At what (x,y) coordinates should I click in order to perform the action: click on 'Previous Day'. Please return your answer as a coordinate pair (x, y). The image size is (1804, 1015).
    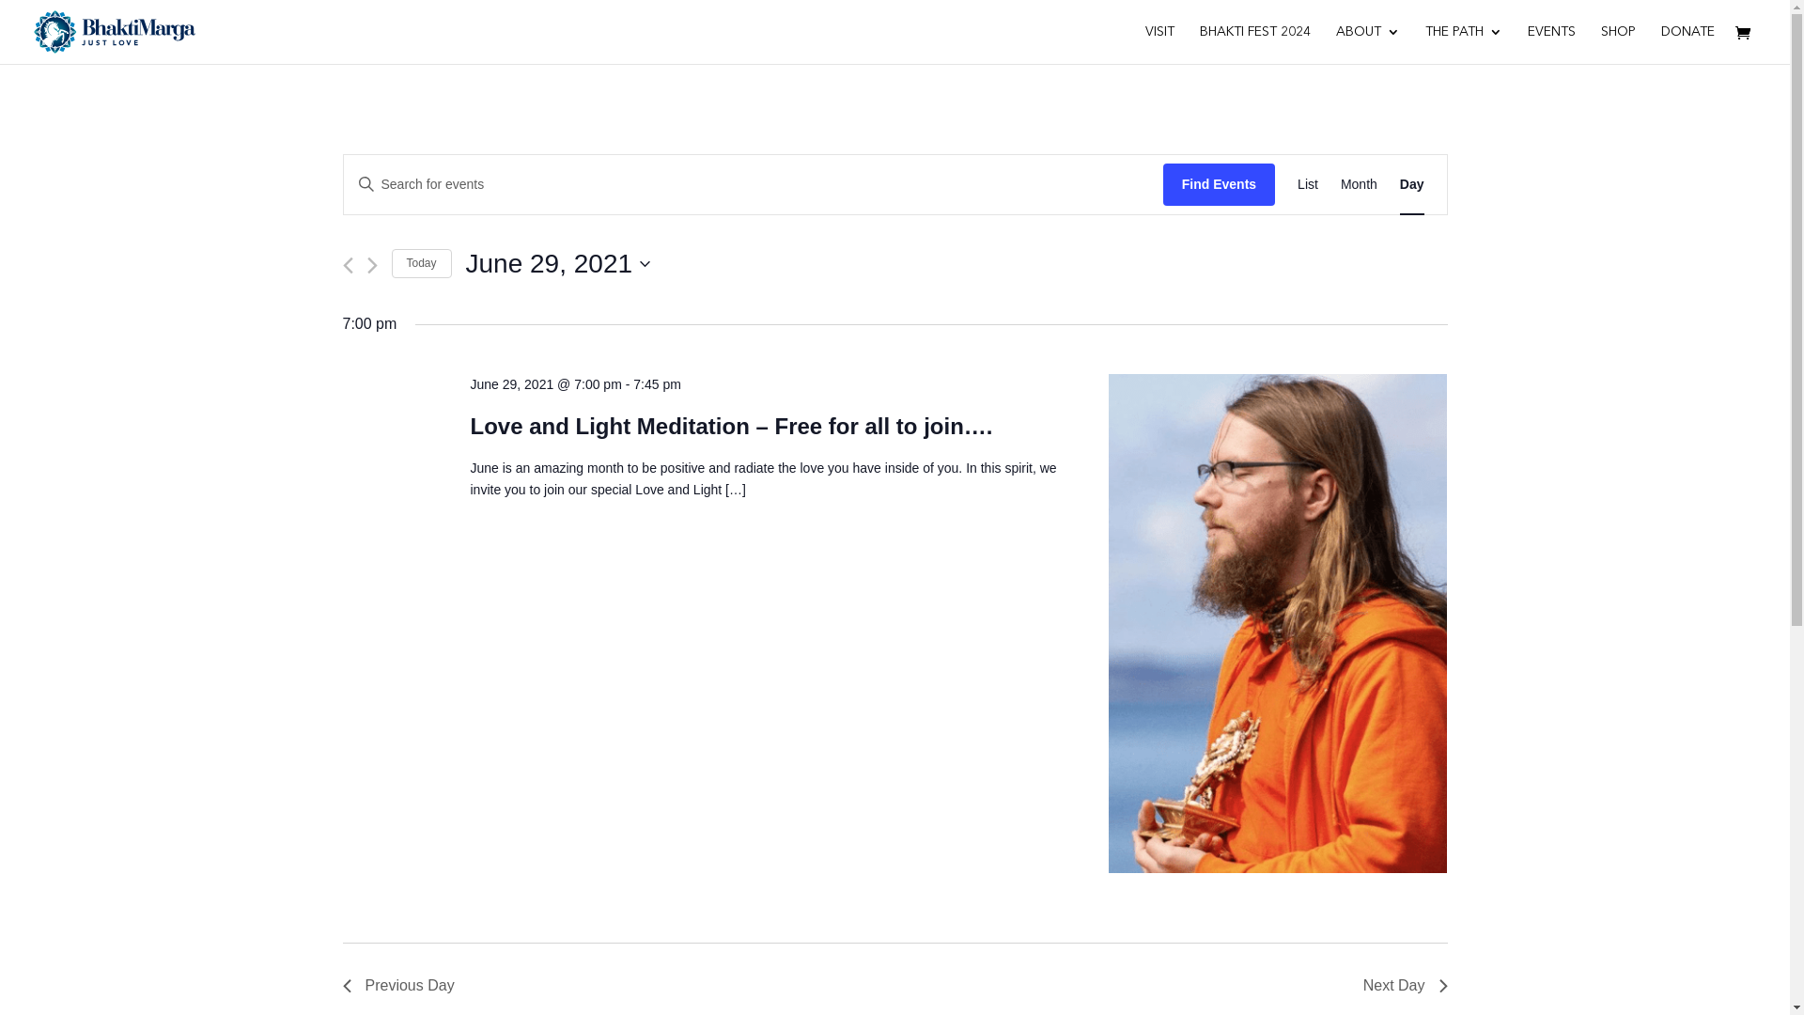
    Looking at the image, I should click on (342, 985).